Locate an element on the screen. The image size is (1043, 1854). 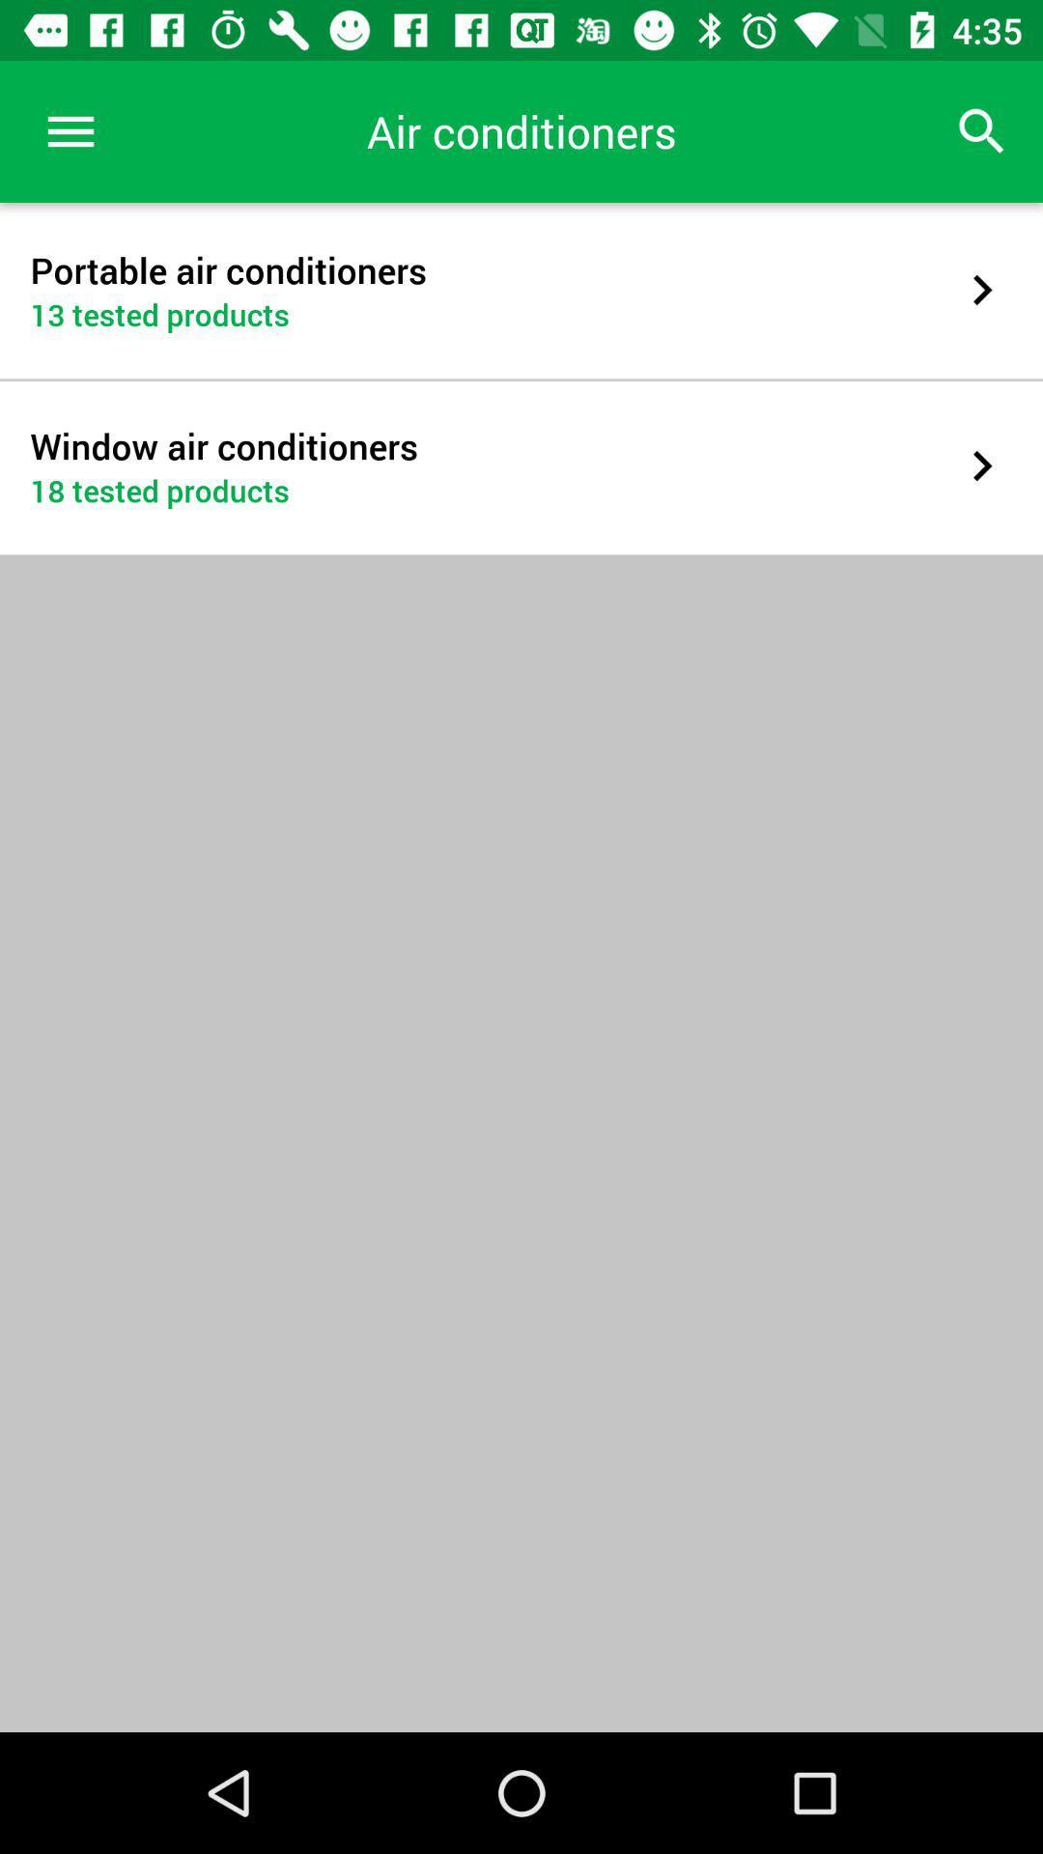
icon next to air conditioners item is located at coordinates (70, 130).